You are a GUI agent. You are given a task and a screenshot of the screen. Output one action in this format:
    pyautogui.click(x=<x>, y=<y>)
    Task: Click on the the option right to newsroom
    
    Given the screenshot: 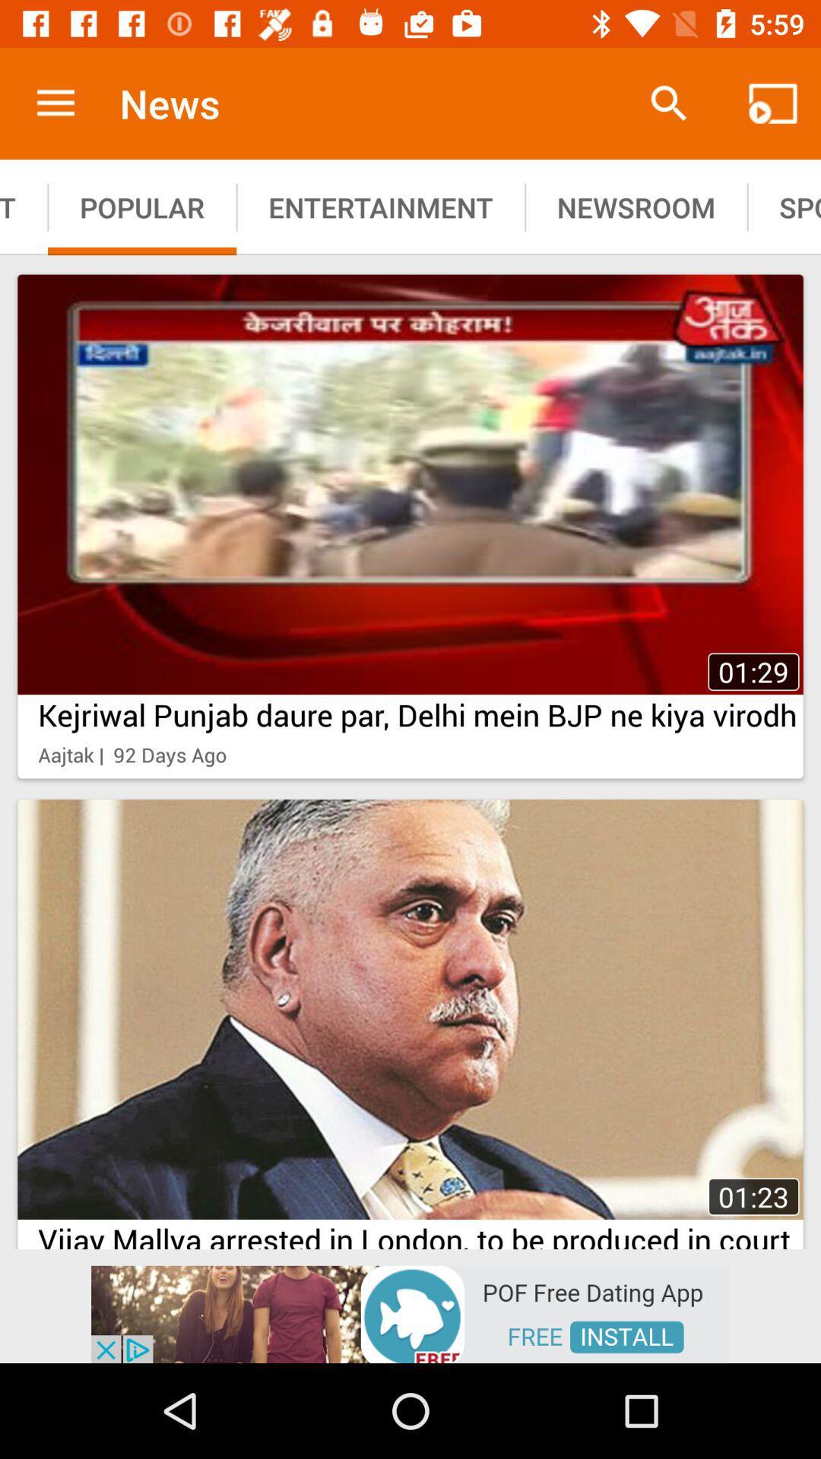 What is the action you would take?
    pyautogui.click(x=784, y=207)
    